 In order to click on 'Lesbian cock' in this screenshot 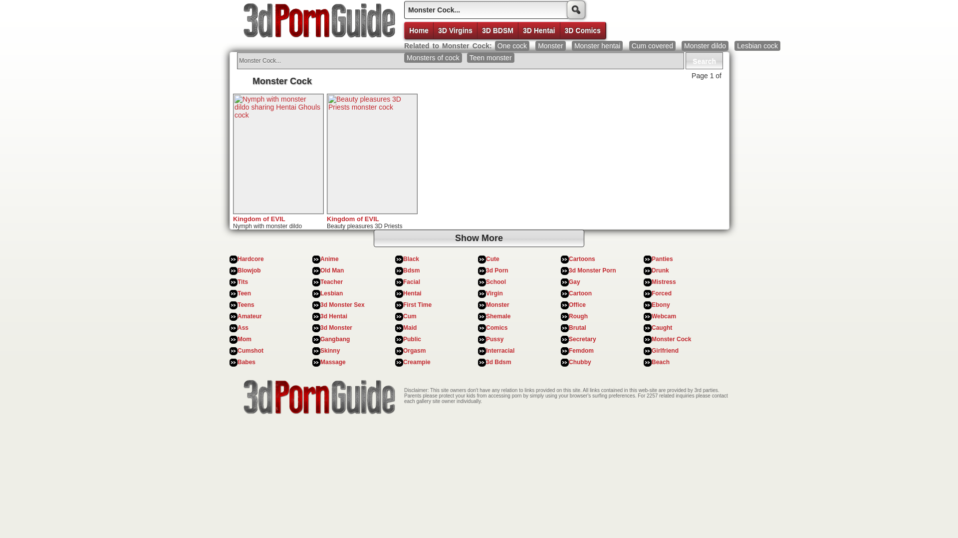, I will do `click(734, 46)`.